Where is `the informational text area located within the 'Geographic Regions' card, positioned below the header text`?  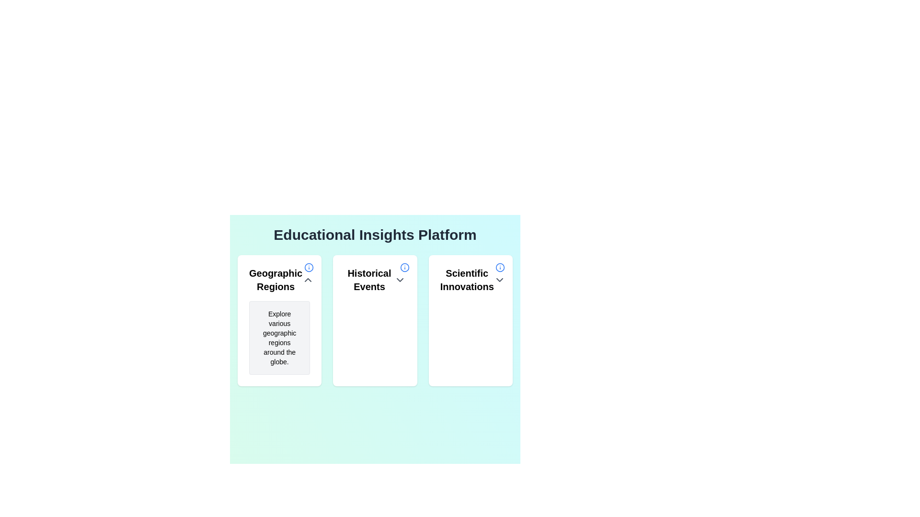 the informational text area located within the 'Geographic Regions' card, positioned below the header text is located at coordinates (279, 337).